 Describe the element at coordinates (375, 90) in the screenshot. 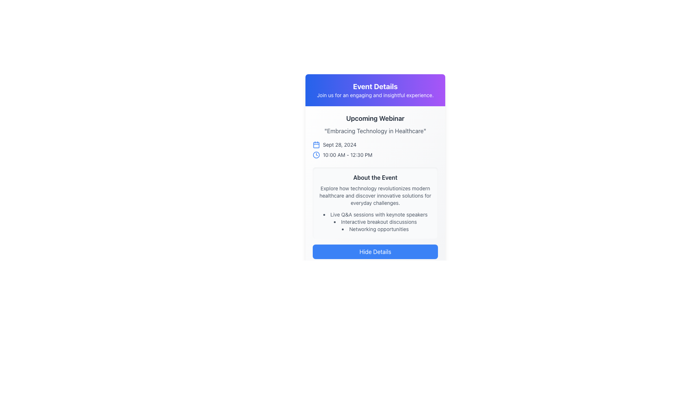

I see `introductory heading and subtitle text from the header section located at the top of the card layout, which spans the width of the card` at that location.